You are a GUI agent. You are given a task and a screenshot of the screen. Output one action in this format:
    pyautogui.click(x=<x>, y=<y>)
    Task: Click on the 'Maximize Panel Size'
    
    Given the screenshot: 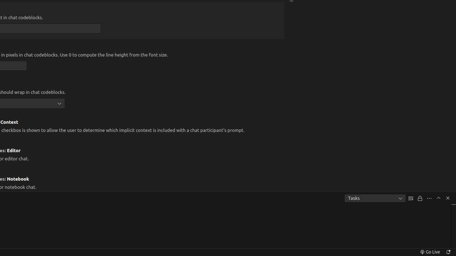 What is the action you would take?
    pyautogui.click(x=438, y=198)
    